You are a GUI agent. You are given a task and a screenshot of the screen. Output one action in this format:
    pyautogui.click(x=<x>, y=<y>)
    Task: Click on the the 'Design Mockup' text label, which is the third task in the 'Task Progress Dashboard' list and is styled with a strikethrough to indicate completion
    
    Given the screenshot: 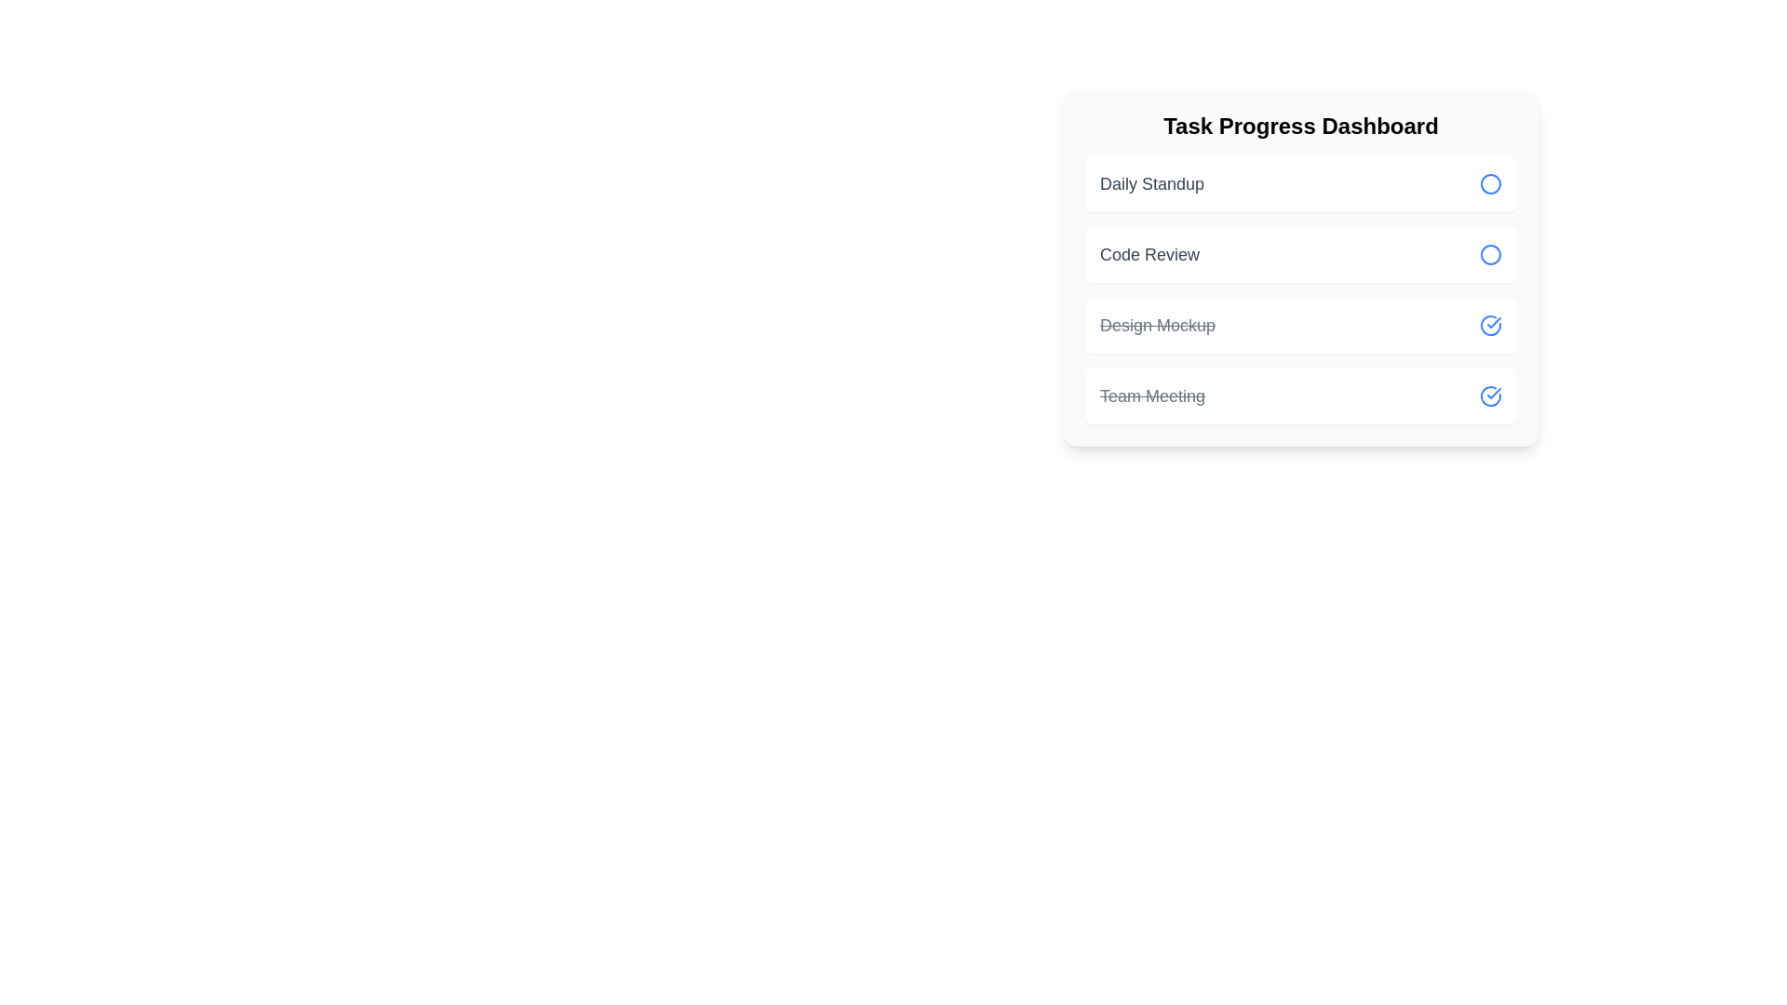 What is the action you would take?
    pyautogui.click(x=1156, y=325)
    